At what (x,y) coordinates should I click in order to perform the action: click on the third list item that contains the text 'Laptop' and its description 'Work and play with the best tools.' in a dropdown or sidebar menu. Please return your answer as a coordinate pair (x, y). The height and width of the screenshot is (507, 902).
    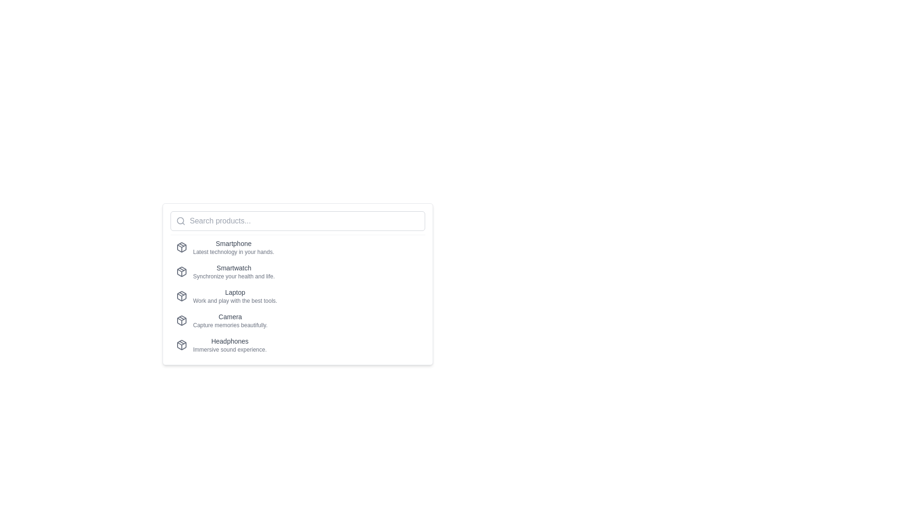
    Looking at the image, I should click on (235, 296).